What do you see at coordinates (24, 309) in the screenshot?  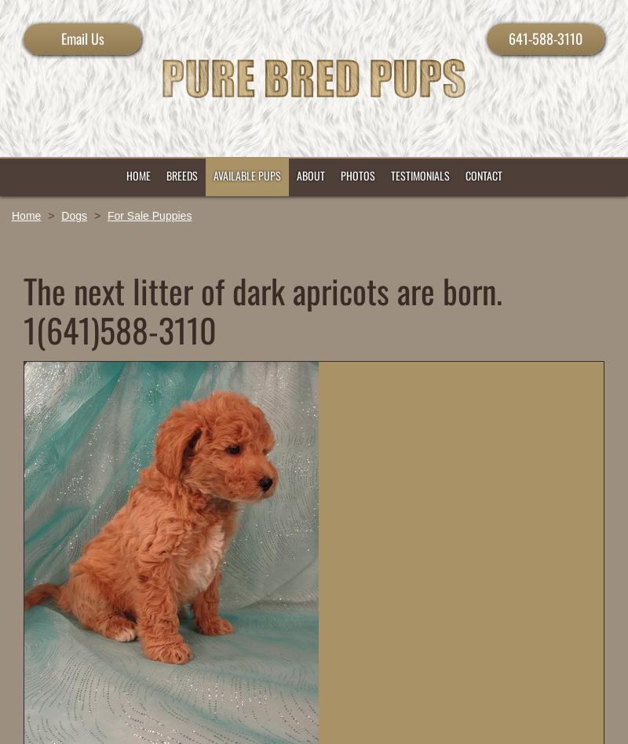 I see `'The next litter of dark apricots are born.  1(641)588-3110'` at bounding box center [24, 309].